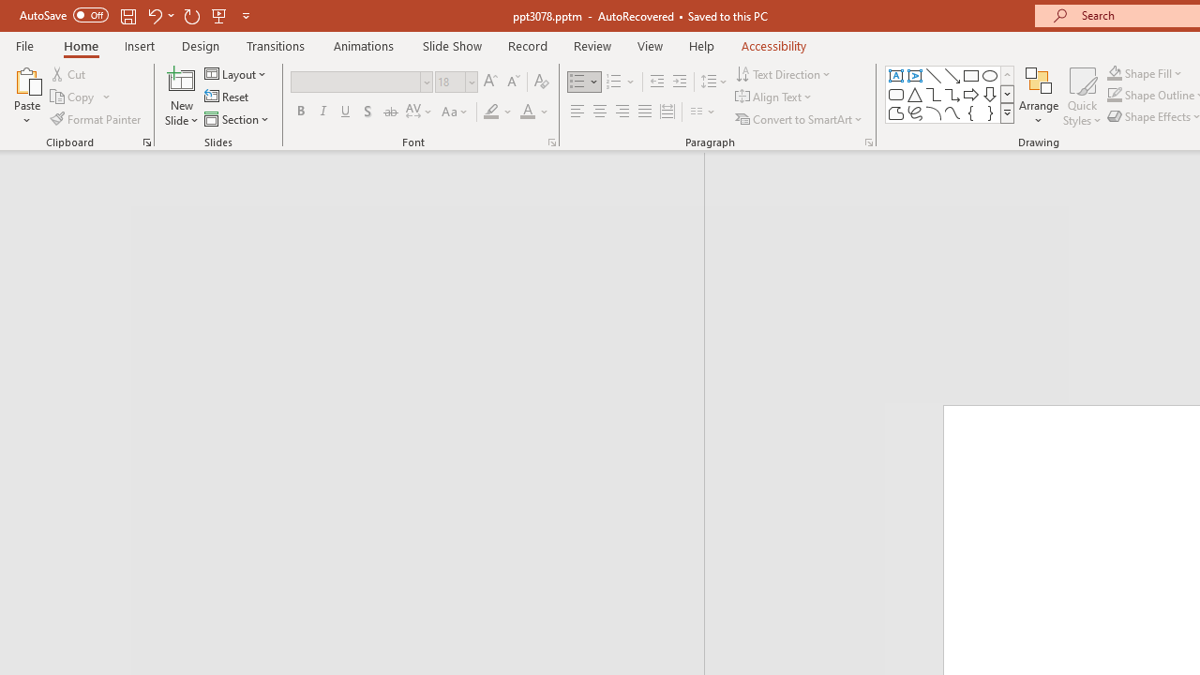 The width and height of the screenshot is (1200, 675). Describe the element at coordinates (540, 81) in the screenshot. I see `'Clear Formatting'` at that location.